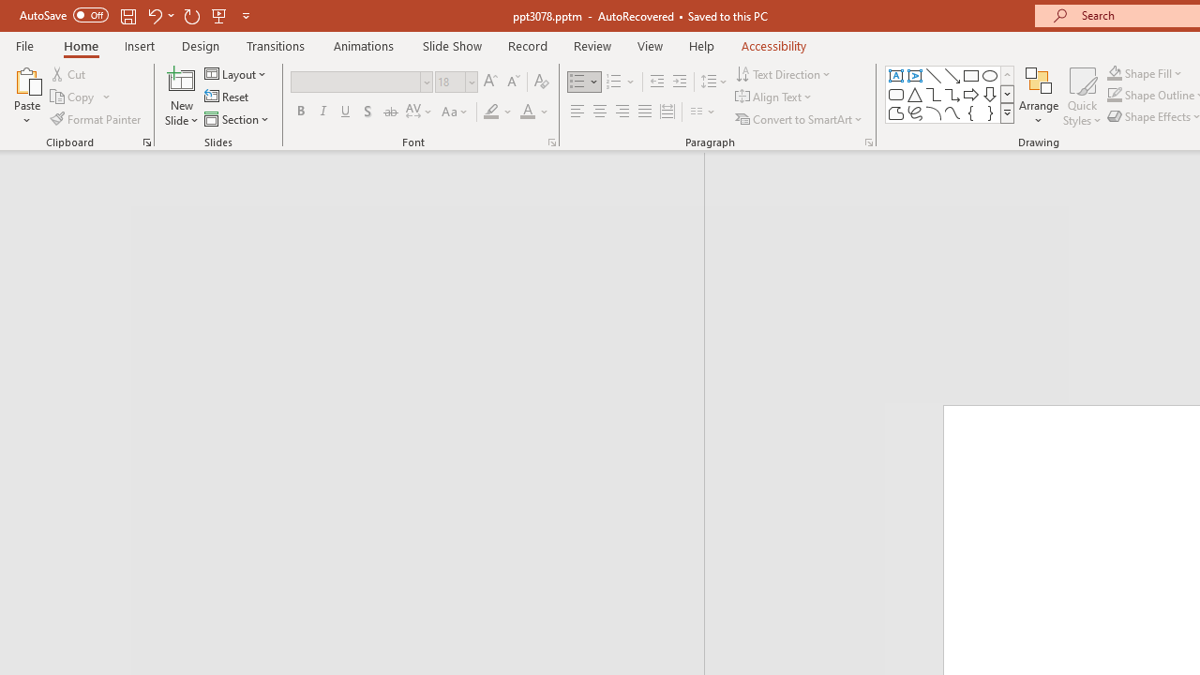 The width and height of the screenshot is (1200, 675). Describe the element at coordinates (540, 81) in the screenshot. I see `'Clear Formatting'` at that location.